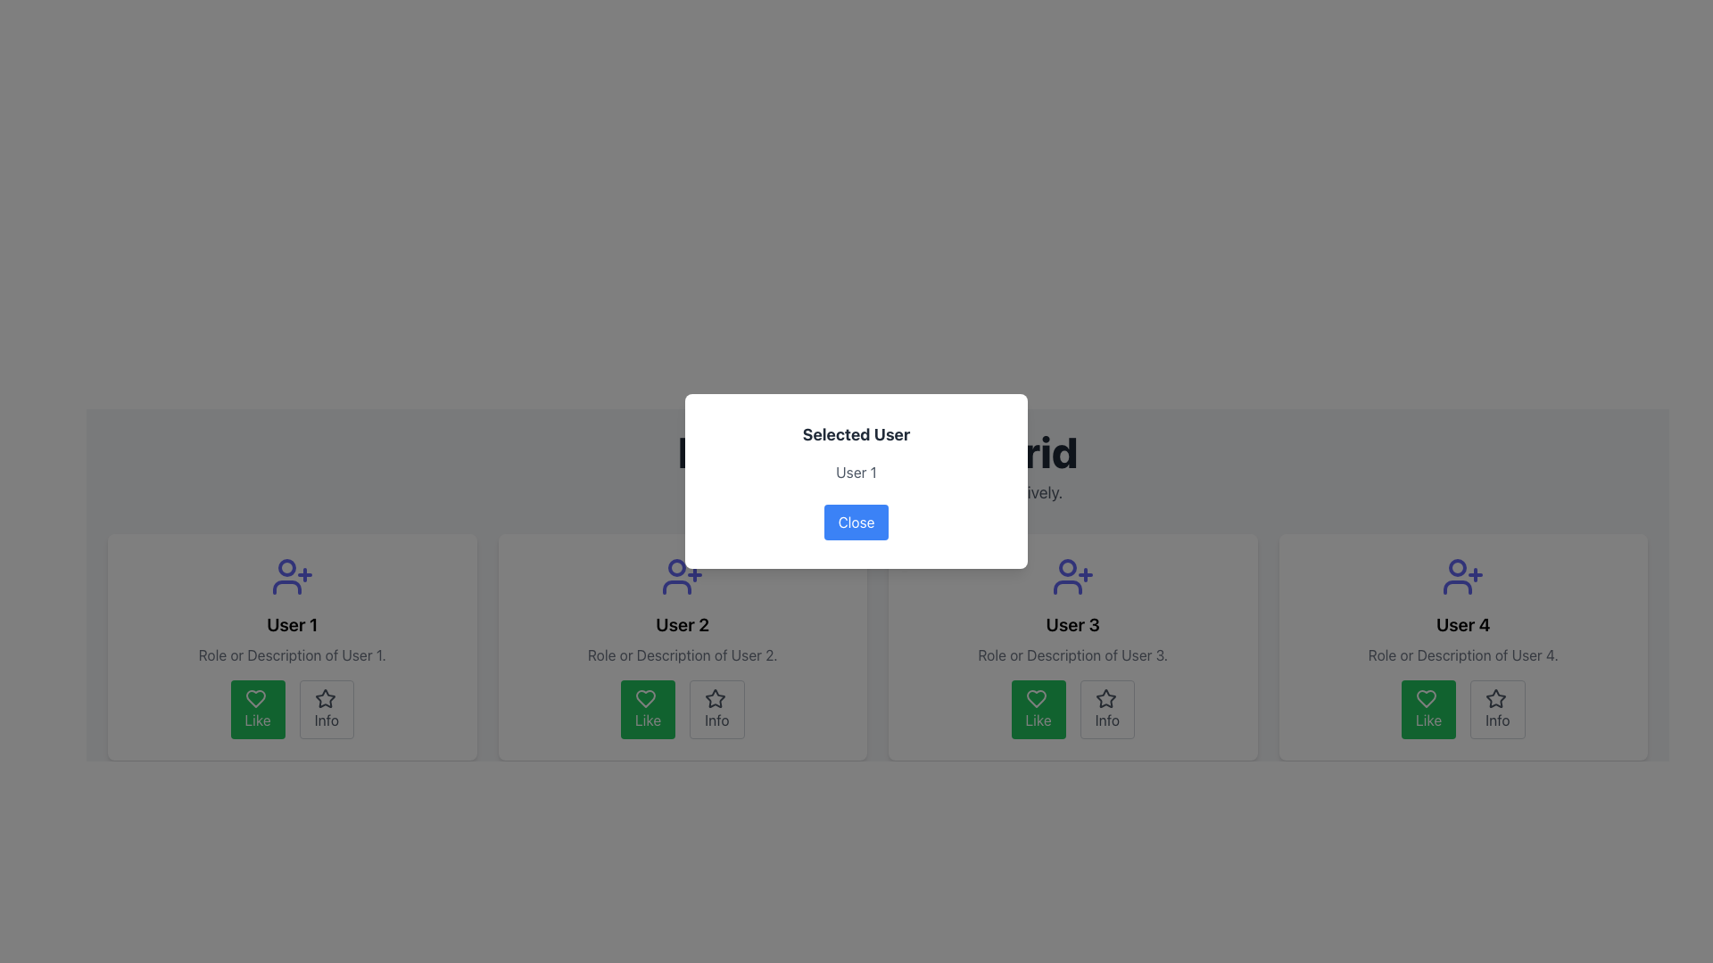 Image resolution: width=1713 pixels, height=963 pixels. I want to click on the text label that provides additional information for 'User 1', located beneath the larger text 'User 1' and above the 'Like' and 'Info' buttons, so click(292, 655).